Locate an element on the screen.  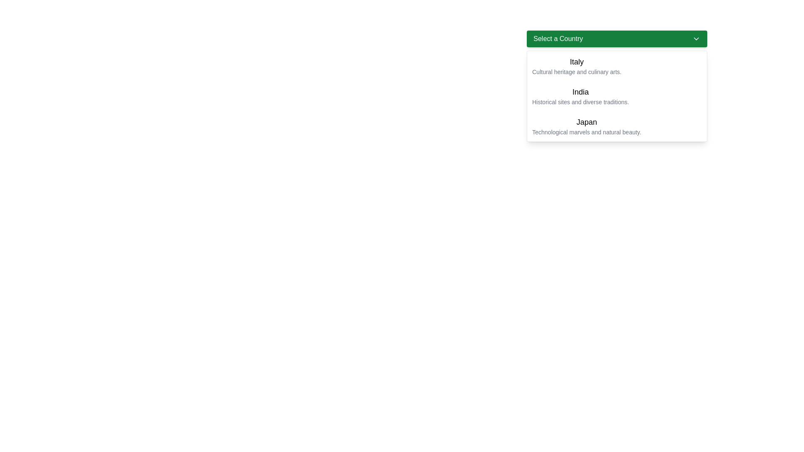
the third selectable option in the dropdown list for keyboard interaction is located at coordinates (617, 126).